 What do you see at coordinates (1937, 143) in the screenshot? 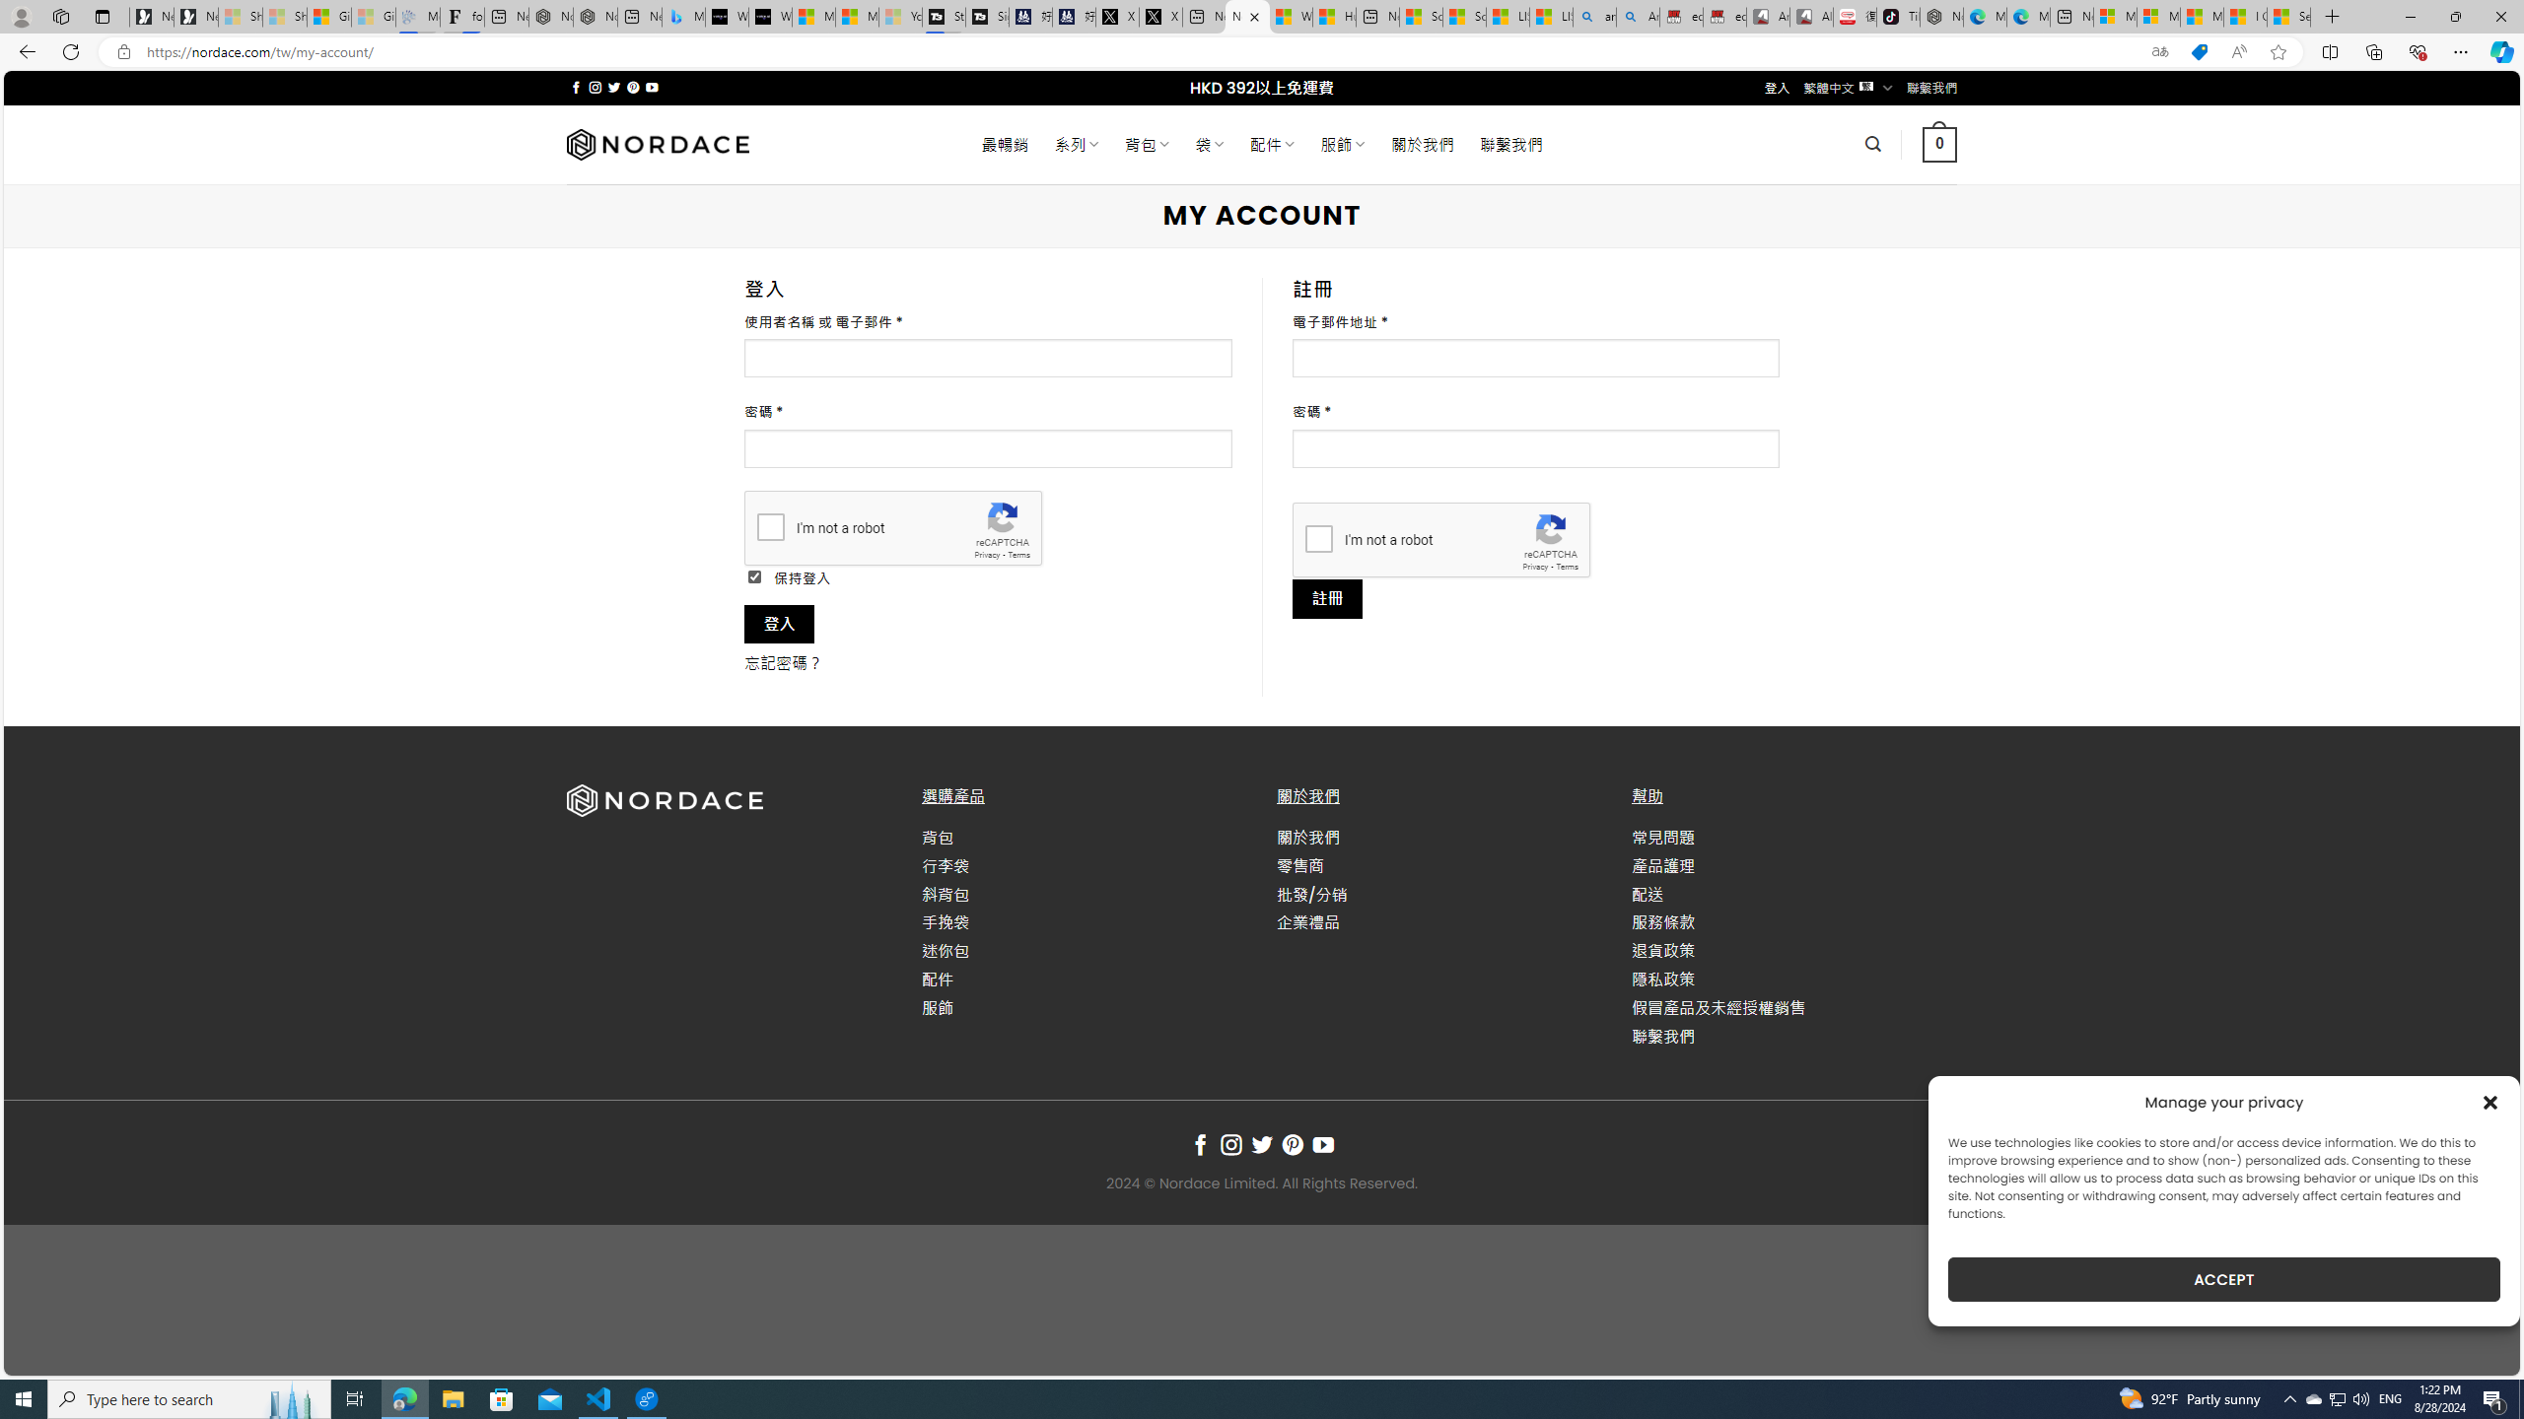
I see `' 0 '` at bounding box center [1937, 143].